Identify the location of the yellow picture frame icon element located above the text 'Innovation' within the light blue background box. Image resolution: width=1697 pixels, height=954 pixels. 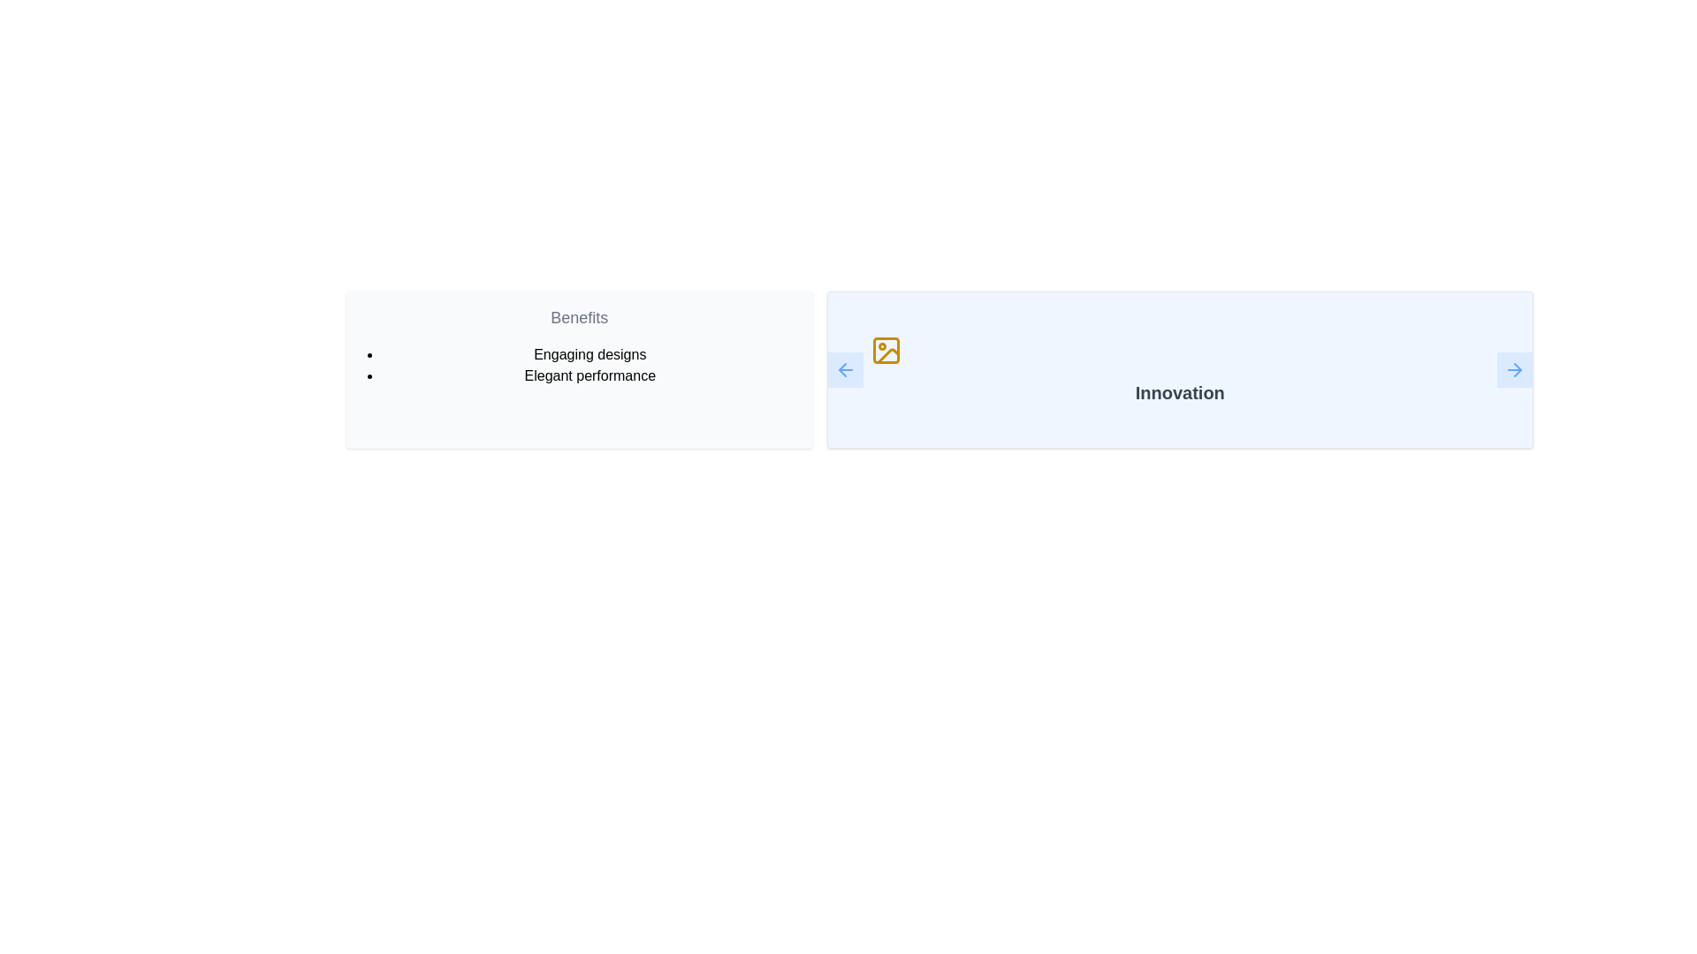
(886, 351).